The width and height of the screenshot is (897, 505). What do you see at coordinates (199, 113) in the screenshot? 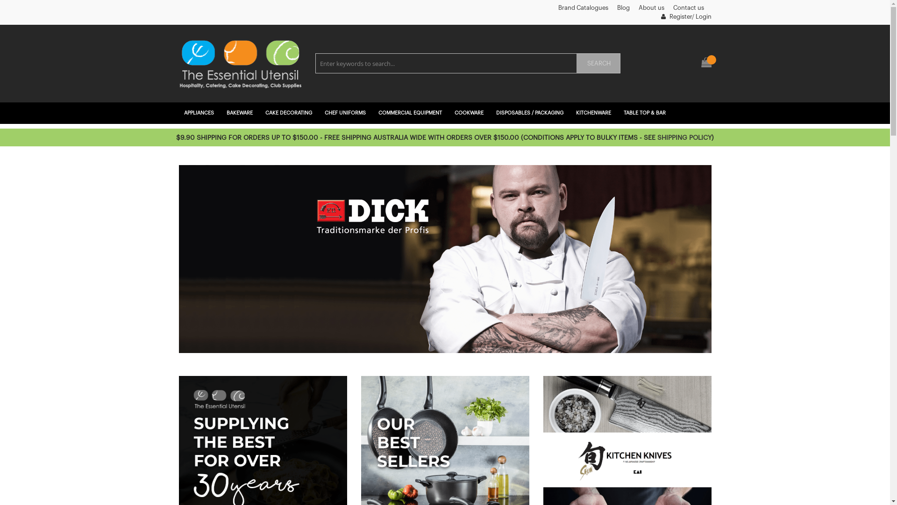
I see `'APPLIANCES'` at bounding box center [199, 113].